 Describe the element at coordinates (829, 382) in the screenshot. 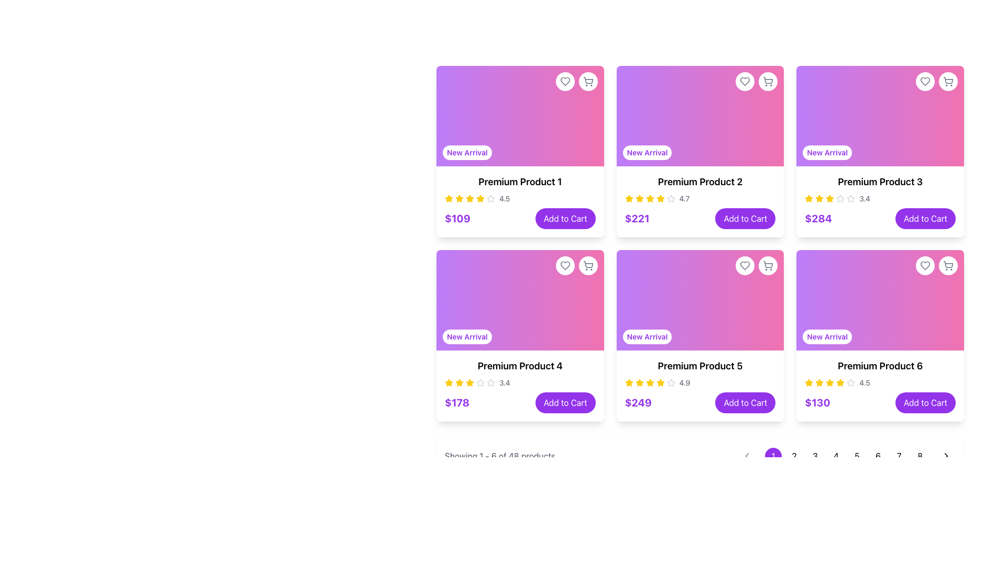

I see `the third yellow filled star icon in the rating system for 'Premium Product 6', which indicates a rating value of 3` at that location.